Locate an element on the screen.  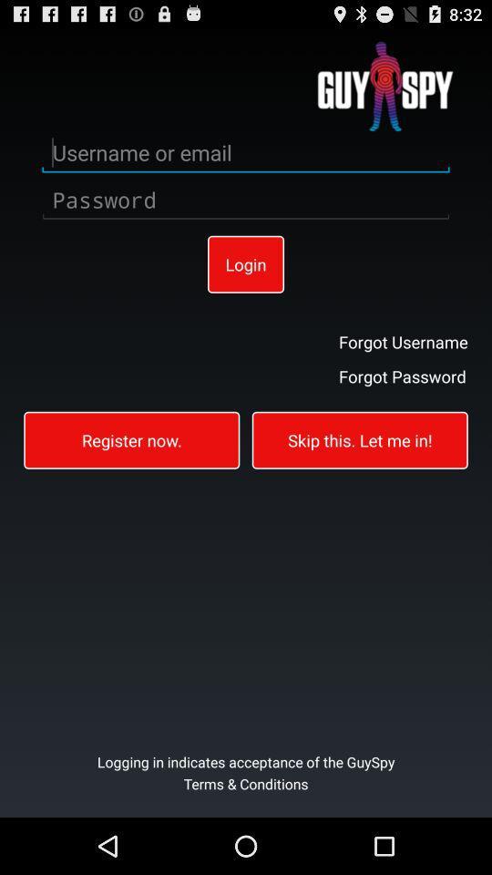
email is located at coordinates (246, 152).